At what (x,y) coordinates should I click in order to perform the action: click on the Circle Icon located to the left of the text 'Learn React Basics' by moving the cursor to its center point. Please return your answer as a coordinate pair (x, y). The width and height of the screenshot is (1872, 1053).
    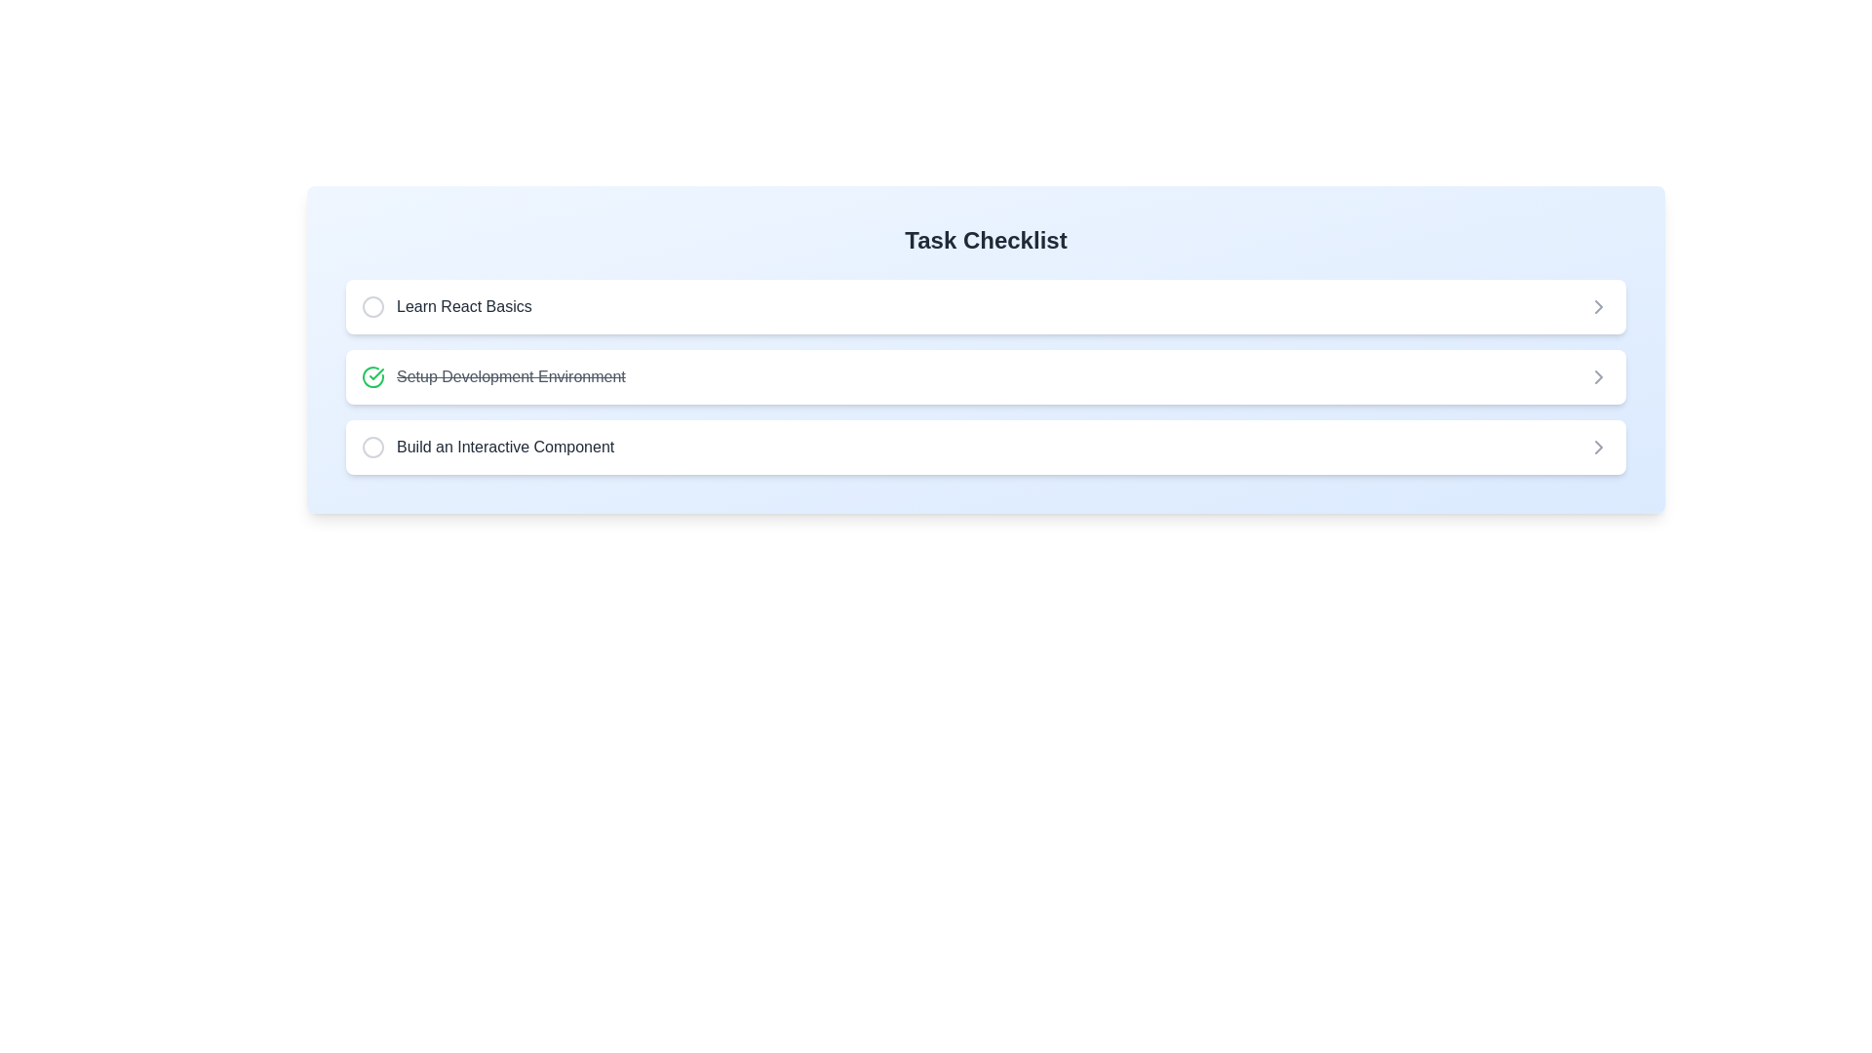
    Looking at the image, I should click on (373, 307).